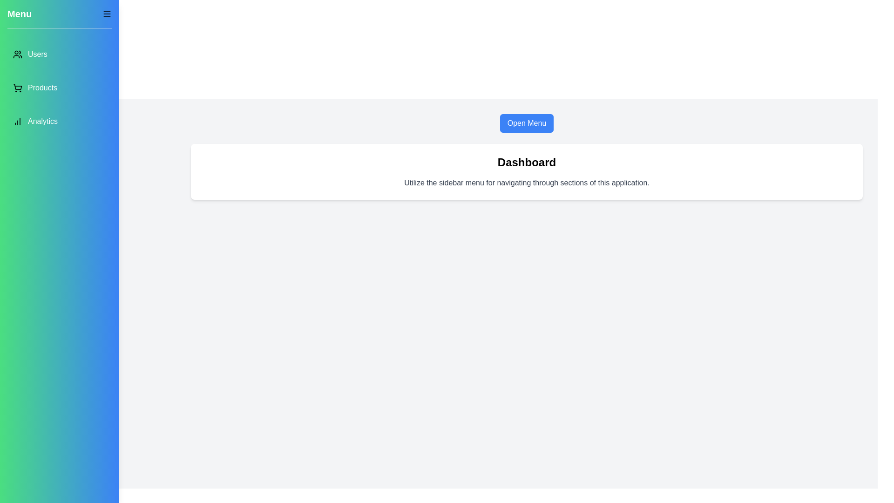  What do you see at coordinates (59, 88) in the screenshot?
I see `the menu item labeled Products to navigate to the respective section` at bounding box center [59, 88].